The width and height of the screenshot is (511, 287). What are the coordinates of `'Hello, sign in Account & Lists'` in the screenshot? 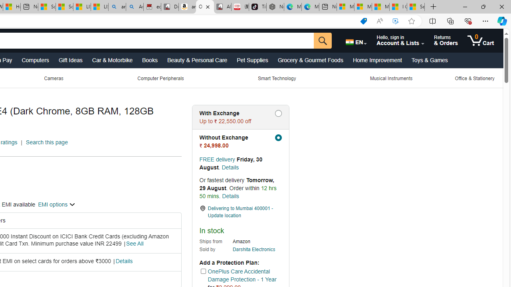 It's located at (400, 40).